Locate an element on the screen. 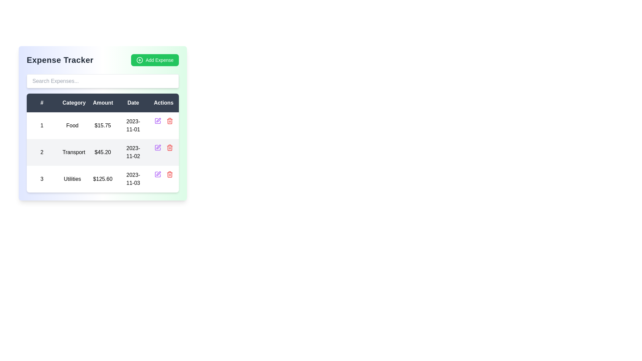 The image size is (642, 361). the Static text label displaying 'Utilities' which is located in the second column of the third row of the table is located at coordinates (72, 179).